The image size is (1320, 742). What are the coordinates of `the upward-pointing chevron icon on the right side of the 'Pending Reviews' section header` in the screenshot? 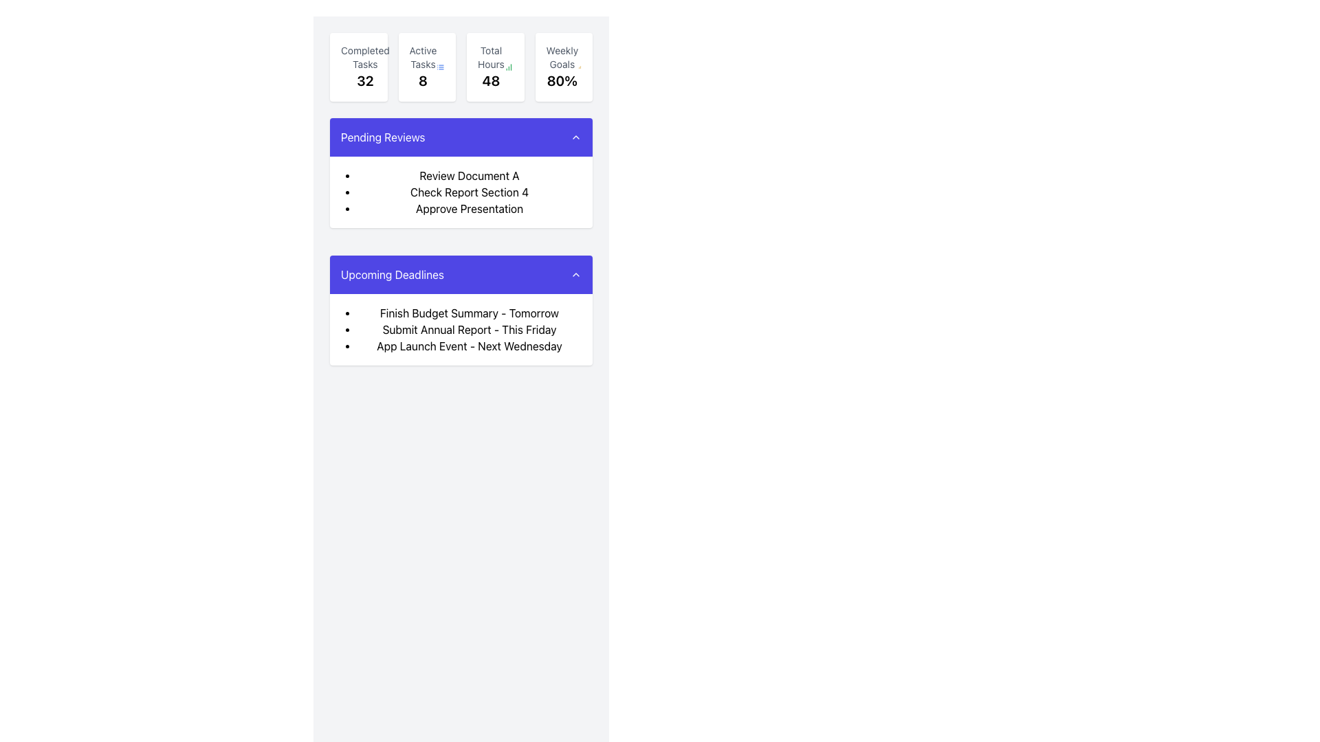 It's located at (576, 137).